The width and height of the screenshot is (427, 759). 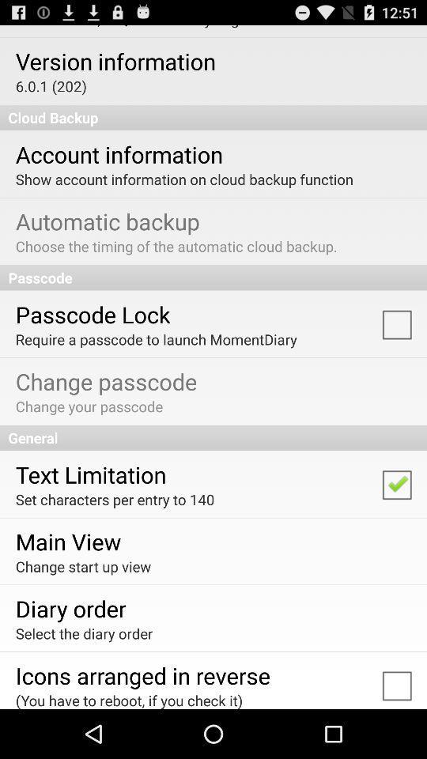 I want to click on the change start up app, so click(x=83, y=566).